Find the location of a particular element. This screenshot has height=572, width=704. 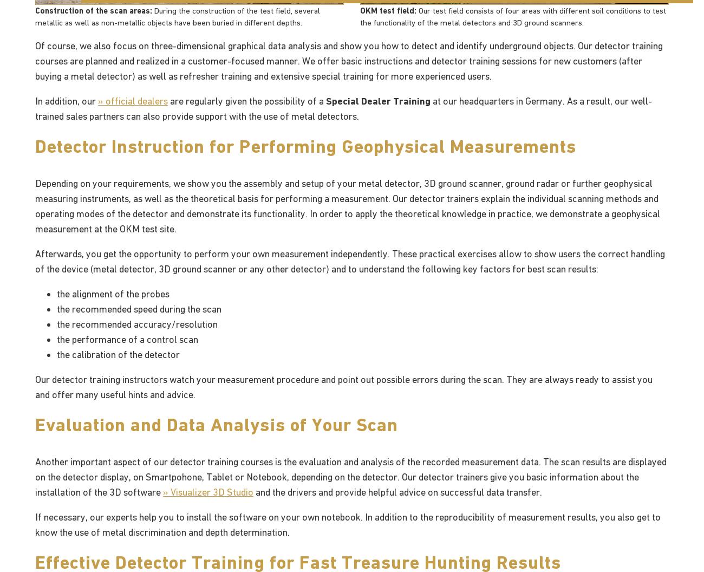

'During the construction of the test field, several metallic as well as non-metallic objects have been buried in different depths.' is located at coordinates (177, 16).